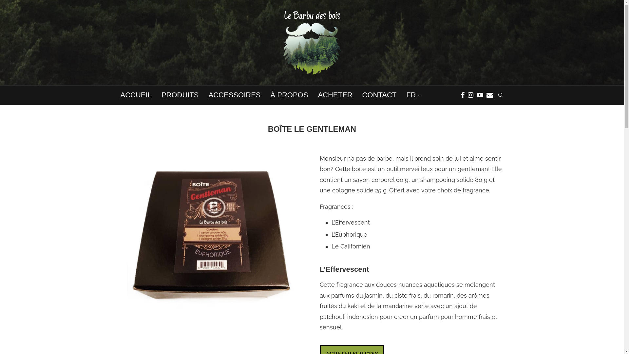  What do you see at coordinates (379, 95) in the screenshot?
I see `'CONTACT'` at bounding box center [379, 95].